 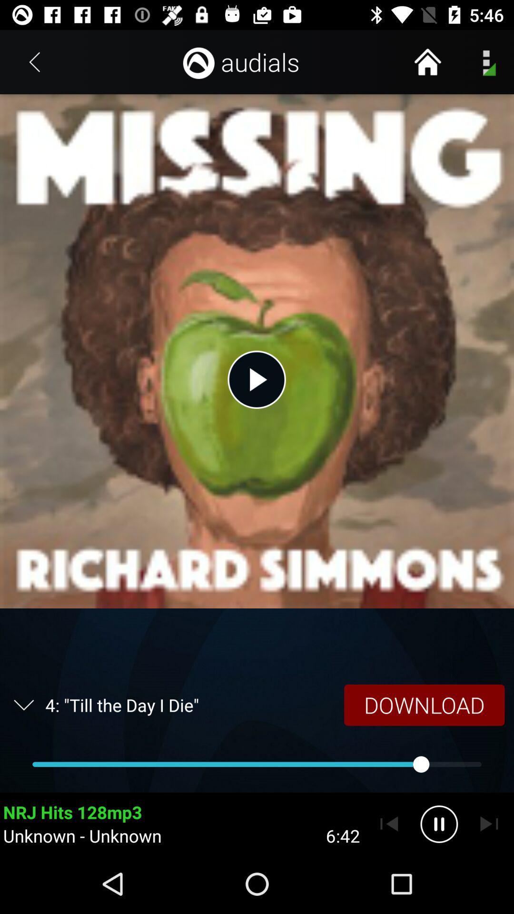 What do you see at coordinates (427, 61) in the screenshot?
I see `go home` at bounding box center [427, 61].